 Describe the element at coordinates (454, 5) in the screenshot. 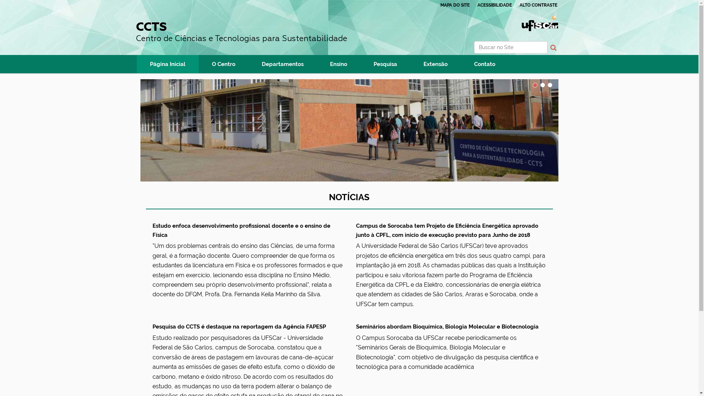

I see `'MAPA DO SITE'` at that location.